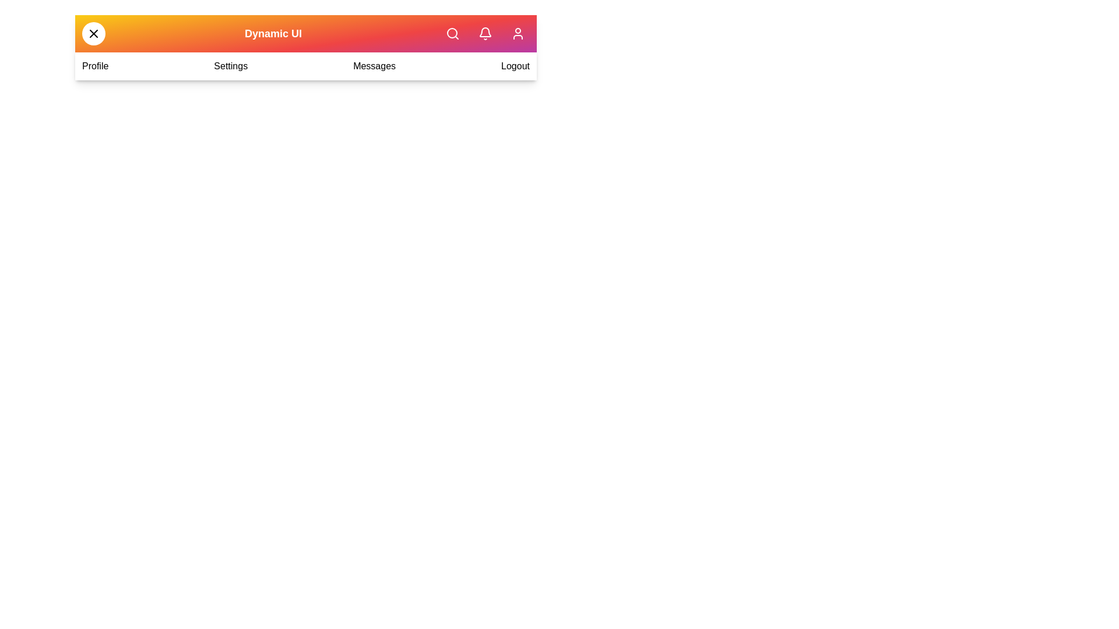 Image resolution: width=1119 pixels, height=629 pixels. Describe the element at coordinates (94, 33) in the screenshot. I see `toggle button to toggle the menu open or closed` at that location.